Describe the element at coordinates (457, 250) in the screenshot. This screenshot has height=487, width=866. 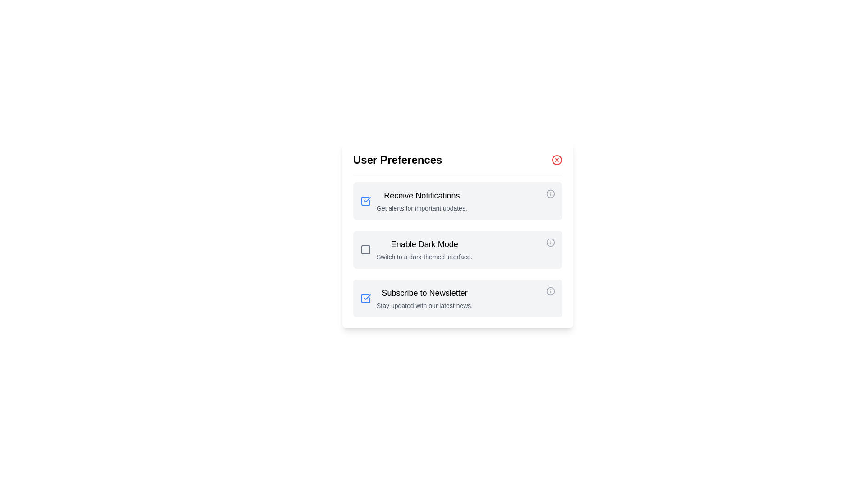
I see `the checkbox for toggling the dark mode feature, which is the second option in the User Preferences card, located beneath 'Receive Notifications' and above 'Subscribe to Newsletter'` at that location.